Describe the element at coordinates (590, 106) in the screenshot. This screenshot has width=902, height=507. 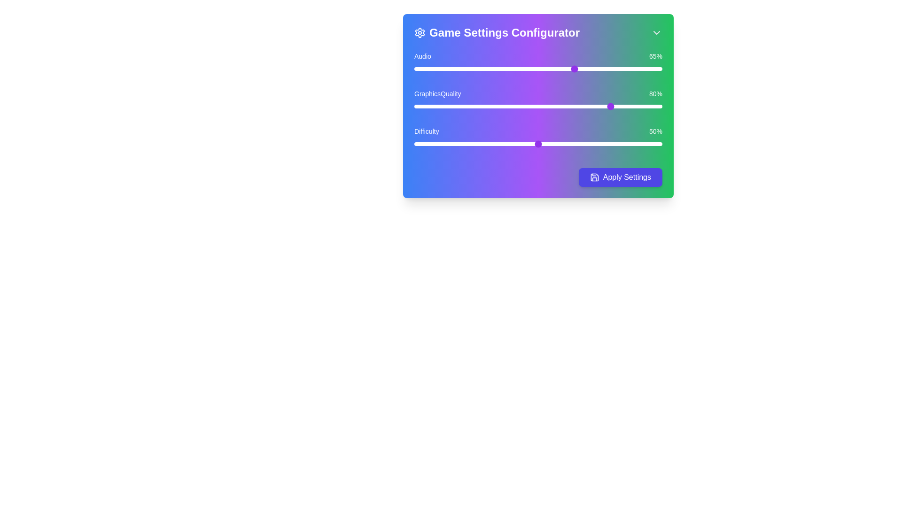
I see `the Graphics Quality` at that location.